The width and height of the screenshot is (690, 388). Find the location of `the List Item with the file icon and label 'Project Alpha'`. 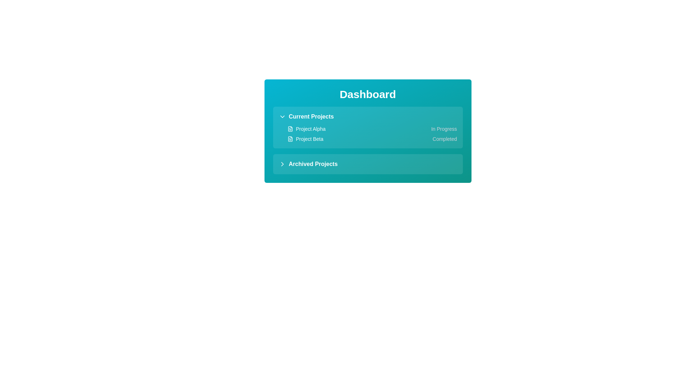

the List Item with the file icon and label 'Project Alpha' is located at coordinates (306, 128).